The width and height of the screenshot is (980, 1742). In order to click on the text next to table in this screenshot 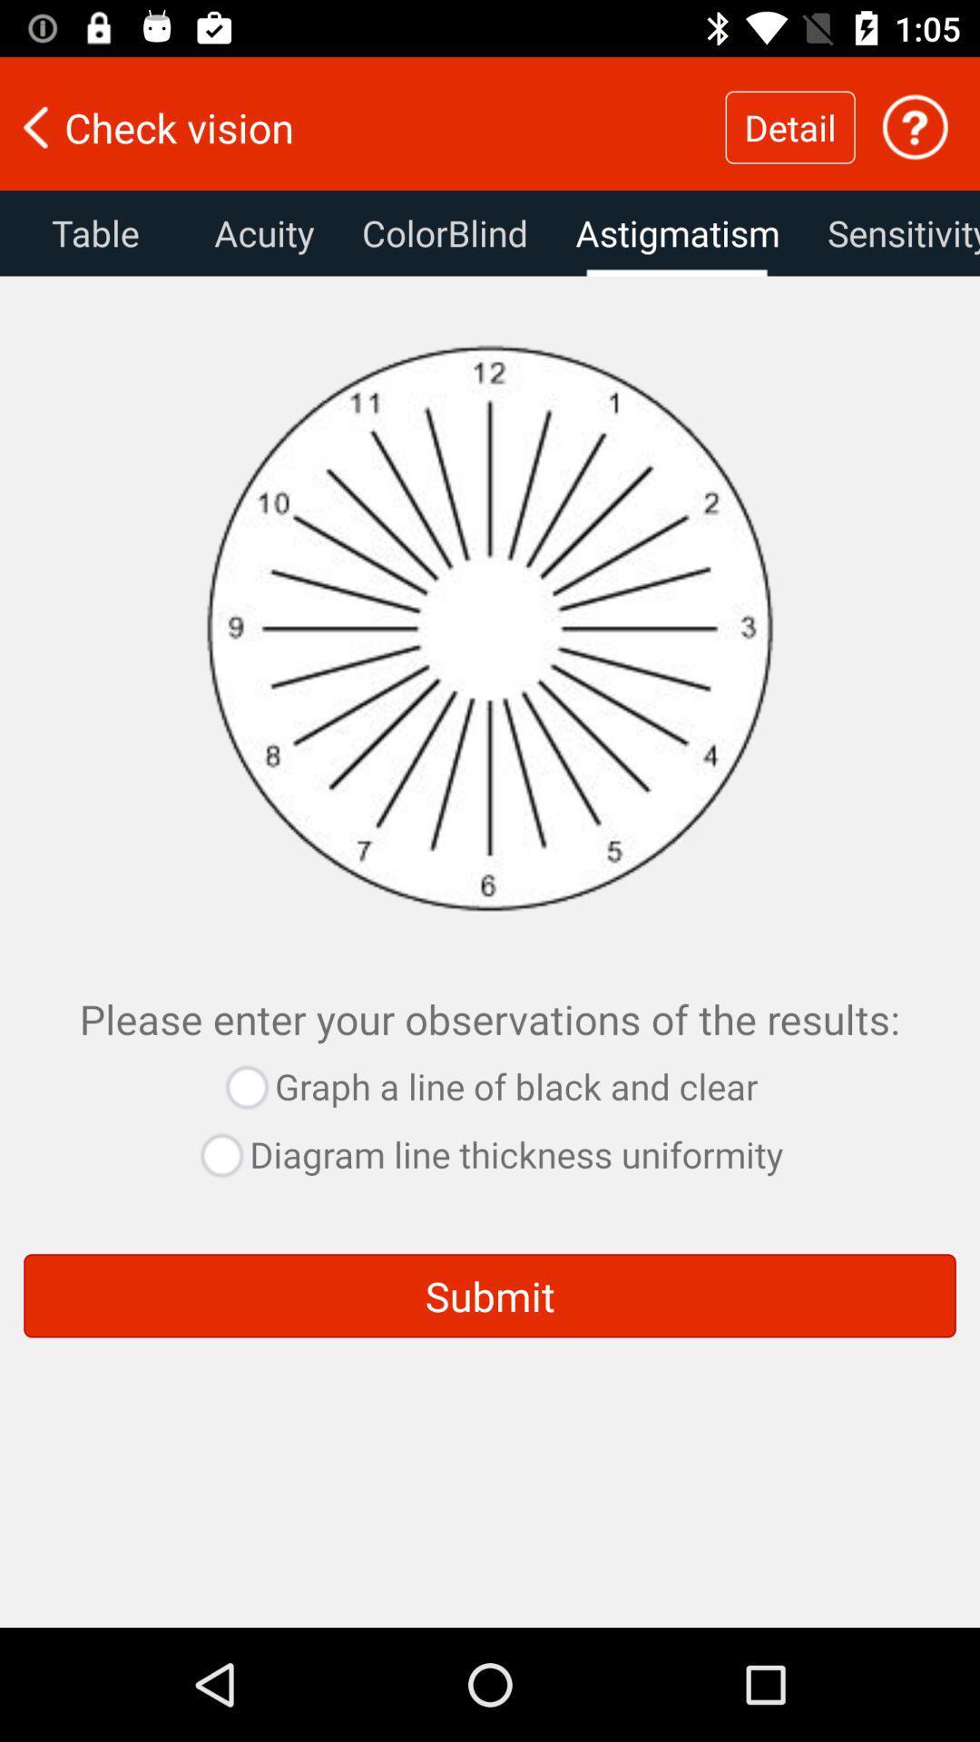, I will do `click(264, 232)`.